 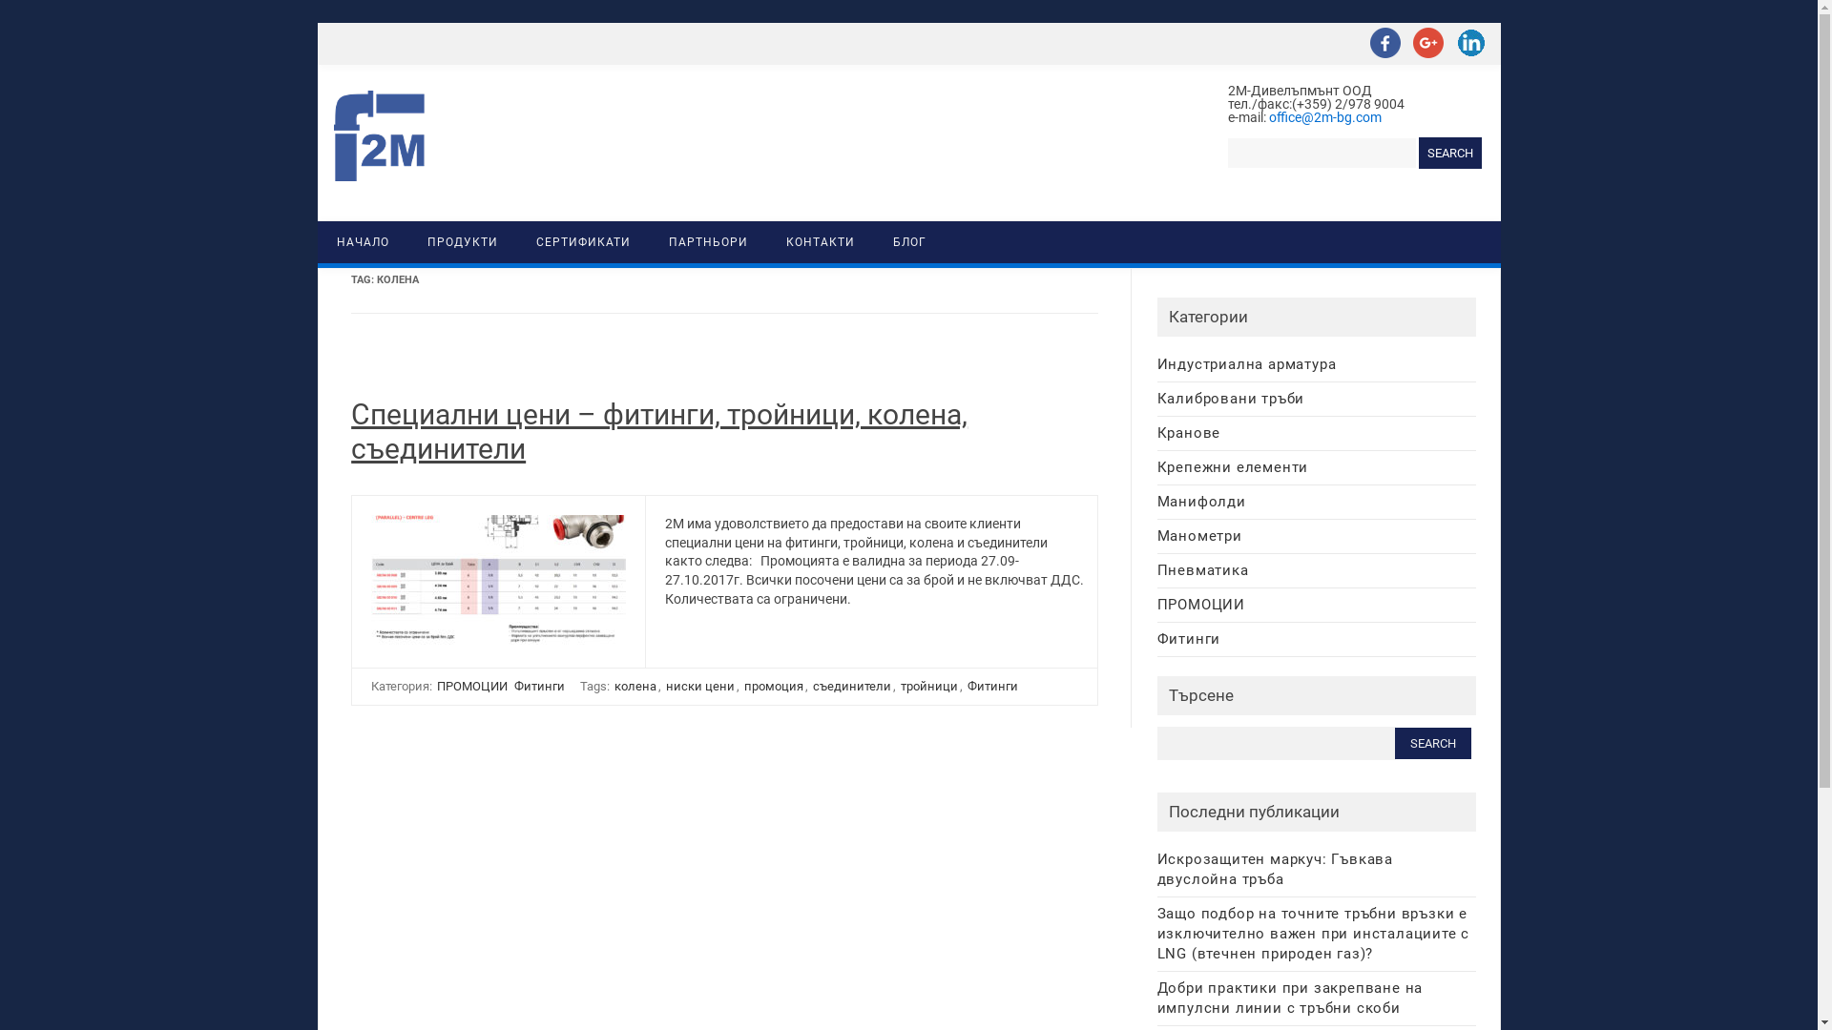 I want to click on 'Search', so click(x=1448, y=152).